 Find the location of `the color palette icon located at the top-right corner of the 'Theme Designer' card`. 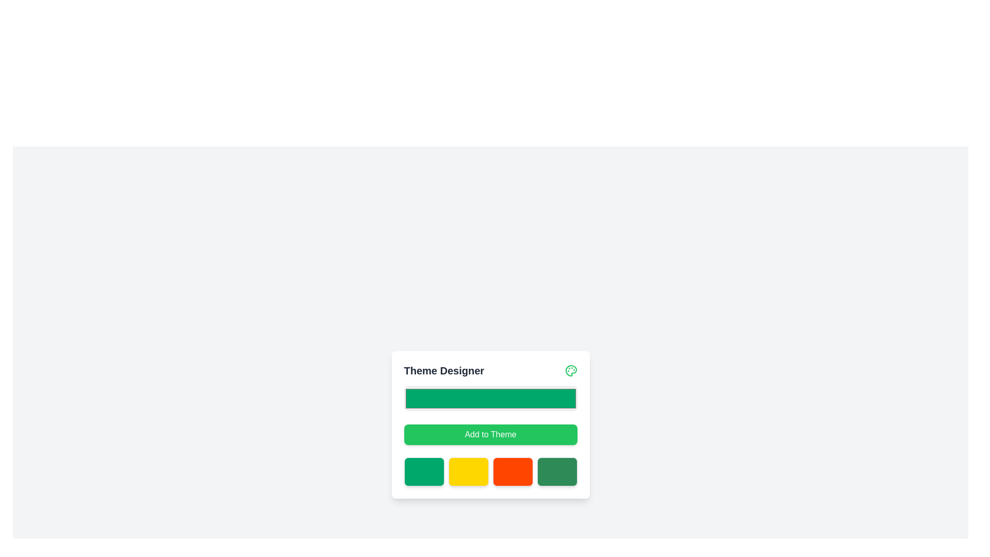

the color palette icon located at the top-right corner of the 'Theme Designer' card is located at coordinates (570, 370).